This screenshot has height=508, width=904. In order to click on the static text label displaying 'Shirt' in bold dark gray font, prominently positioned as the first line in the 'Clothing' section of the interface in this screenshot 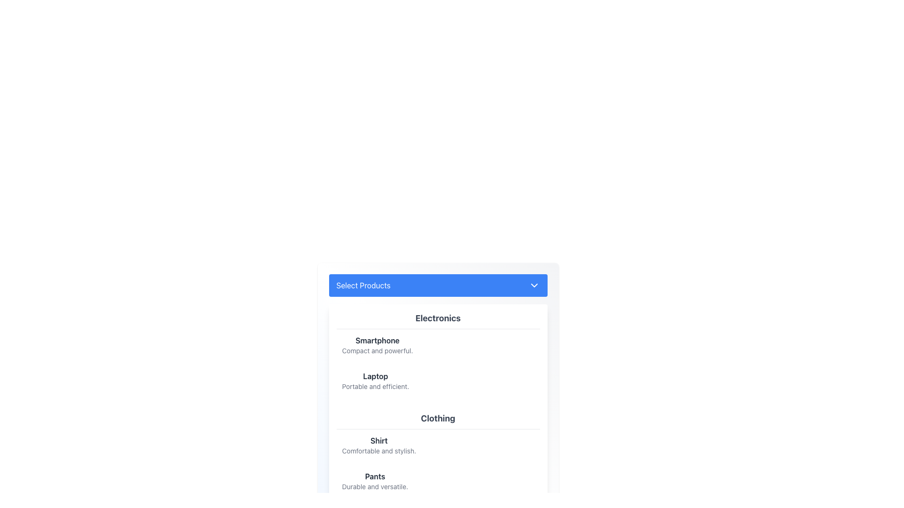, I will do `click(379, 441)`.